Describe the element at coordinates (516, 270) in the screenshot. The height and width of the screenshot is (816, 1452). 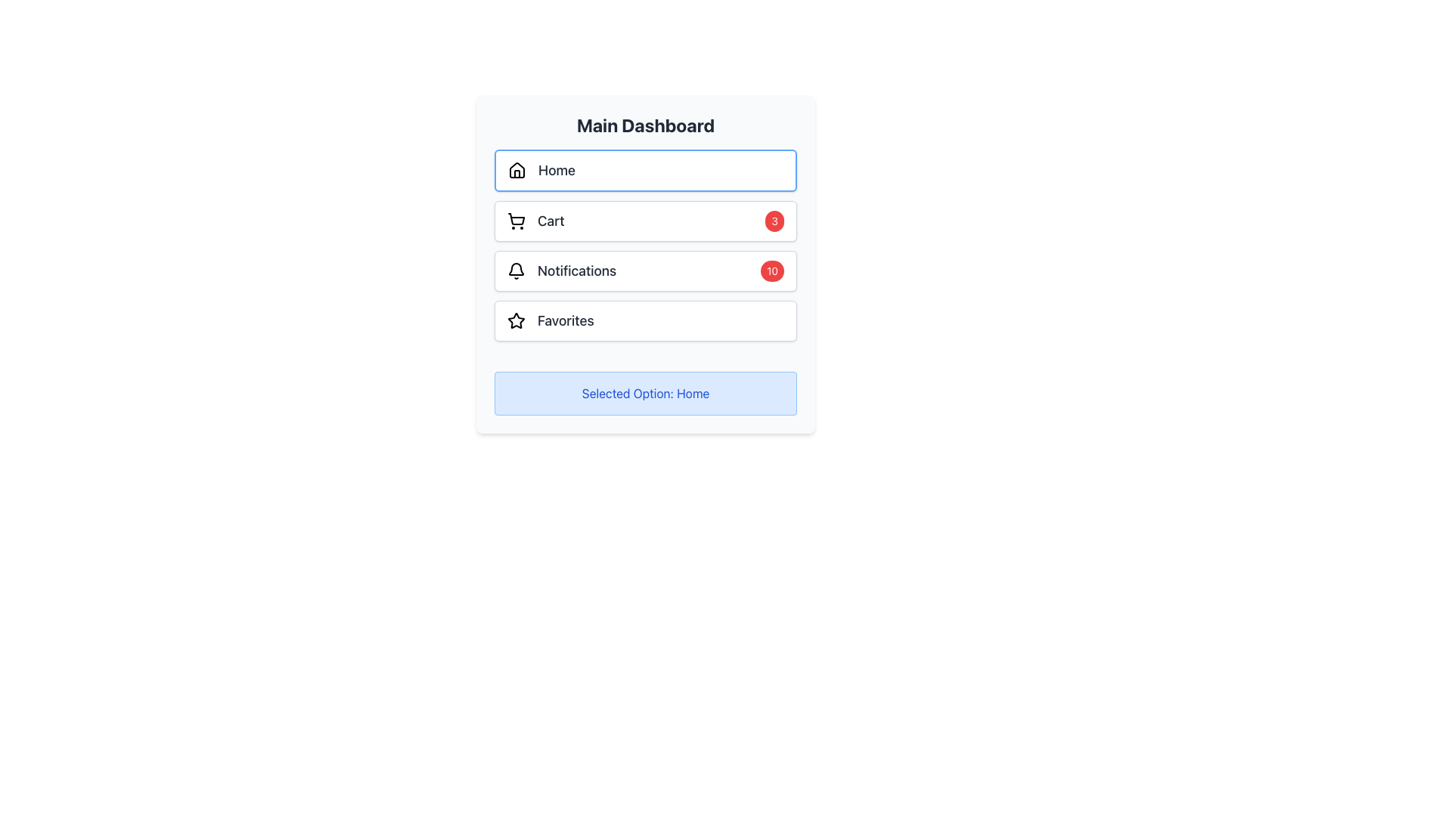
I see `the bell icon in the second menu option from the top on the left-hand side of the dashboard` at that location.